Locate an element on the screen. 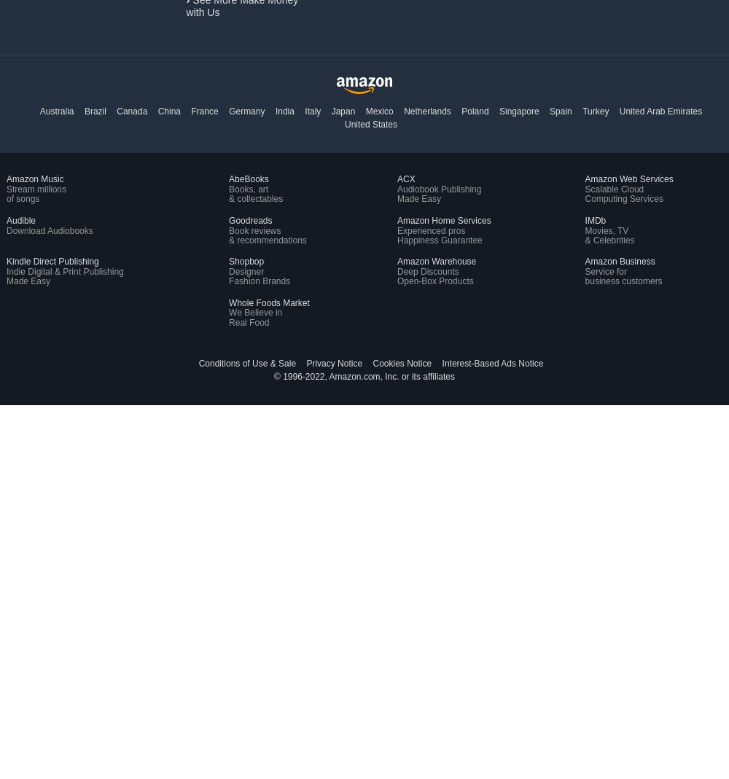 The height and width of the screenshot is (779, 729). 'Interest-Based Ads Notice' is located at coordinates (441, 363).